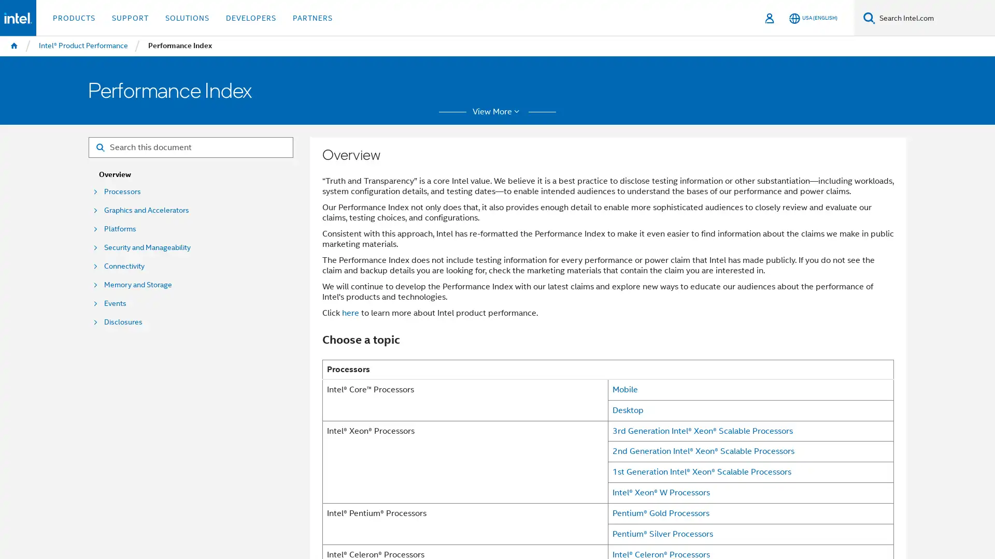  Describe the element at coordinates (812, 18) in the screenshot. I see `USA (English)` at that location.